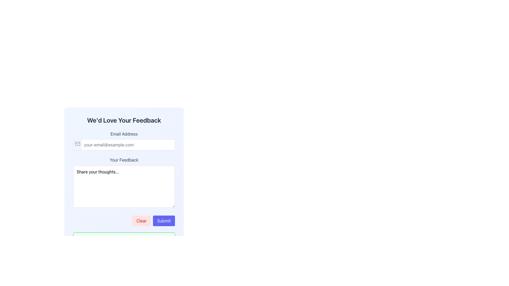  What do you see at coordinates (124, 145) in the screenshot?
I see `the Email input field, which is rectangular with rounded corners and has a placeholder text 'your-email@example.com'` at bounding box center [124, 145].